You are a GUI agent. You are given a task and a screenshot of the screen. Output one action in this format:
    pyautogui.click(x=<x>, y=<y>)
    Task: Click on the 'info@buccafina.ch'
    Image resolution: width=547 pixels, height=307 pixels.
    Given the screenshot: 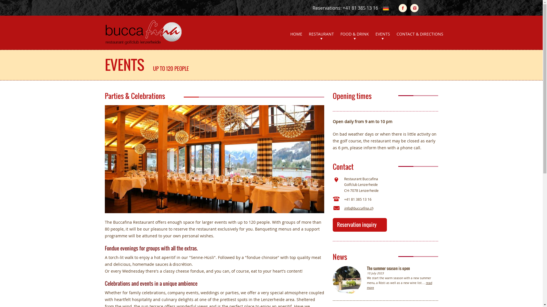 What is the action you would take?
    pyautogui.click(x=385, y=208)
    